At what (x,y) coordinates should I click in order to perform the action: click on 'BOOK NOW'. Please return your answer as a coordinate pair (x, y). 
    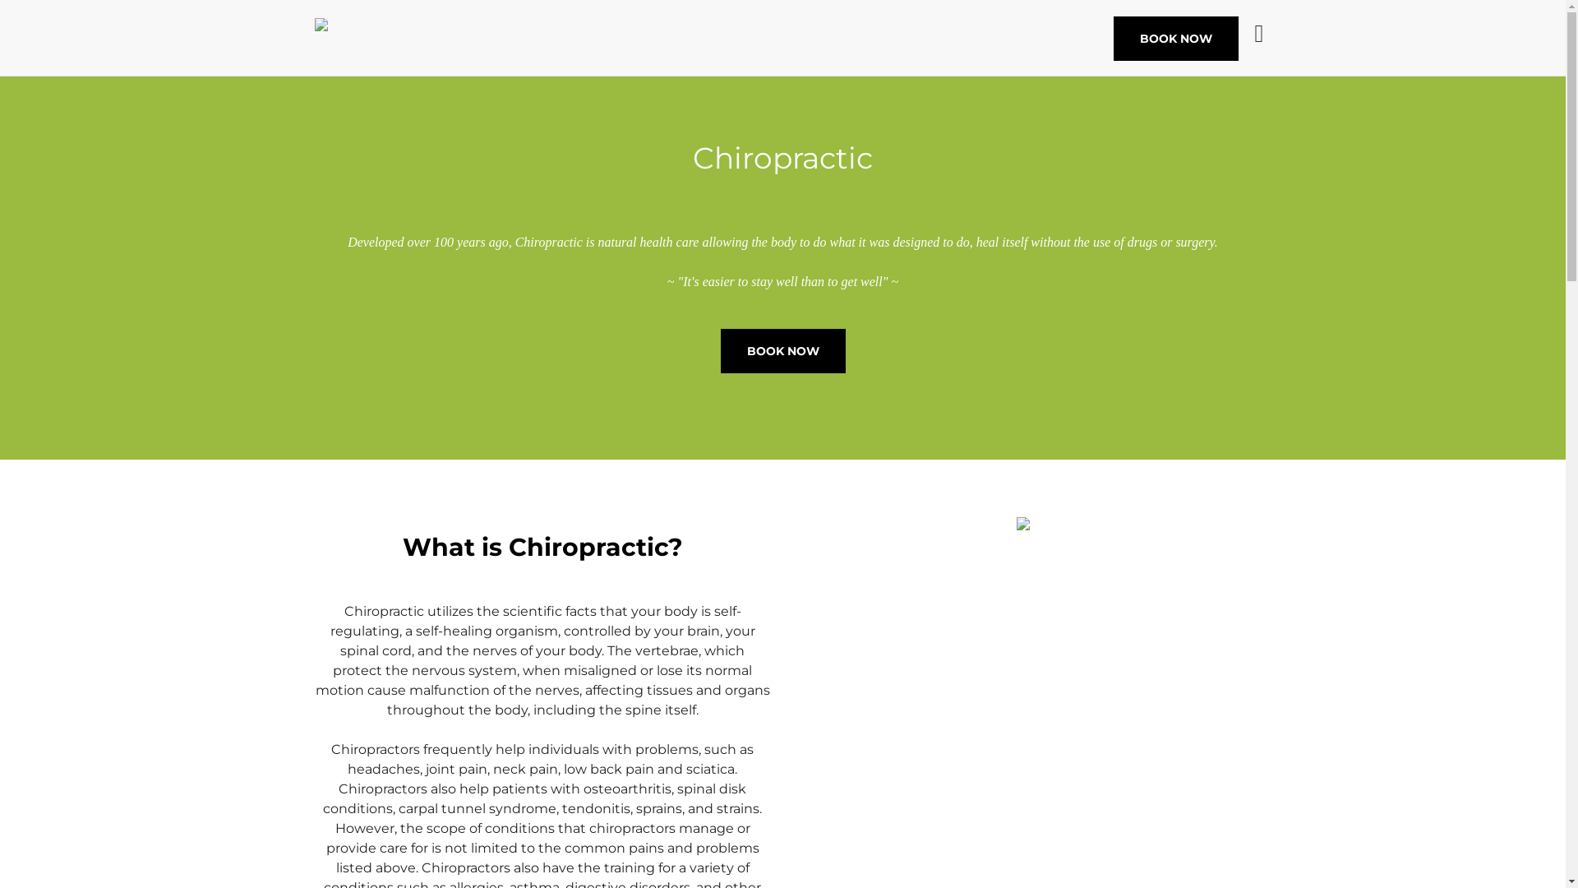
    Looking at the image, I should click on (1174, 37).